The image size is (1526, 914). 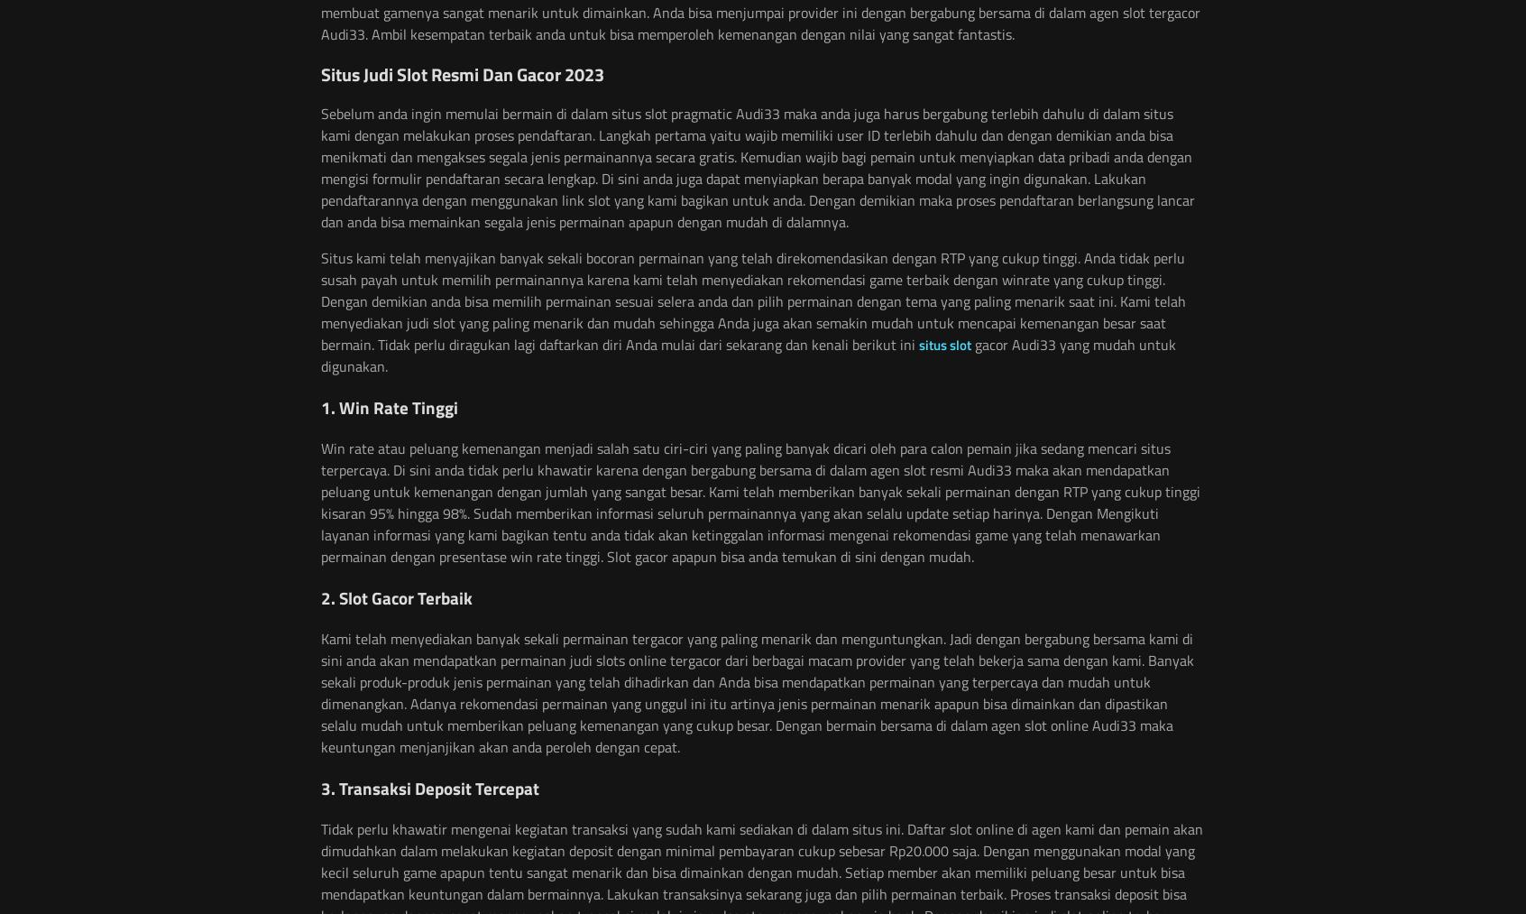 I want to click on 'Situs Judi Slot Resmi Dan Gacor 2023', so click(x=463, y=72).